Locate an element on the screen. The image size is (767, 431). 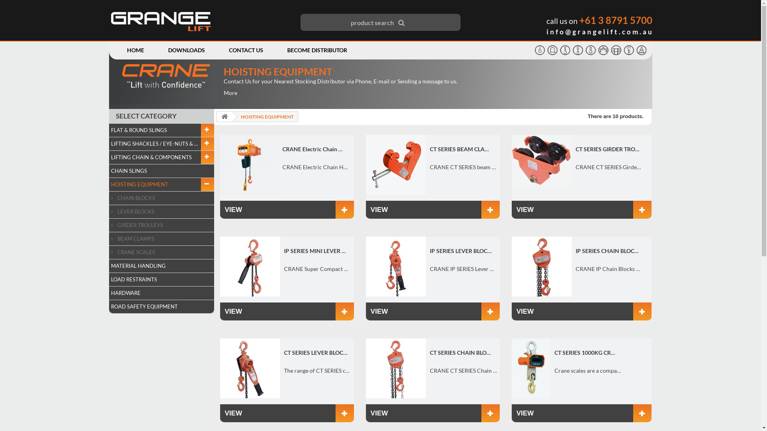
'LOAD RESTRAINTS' is located at coordinates (161, 279).